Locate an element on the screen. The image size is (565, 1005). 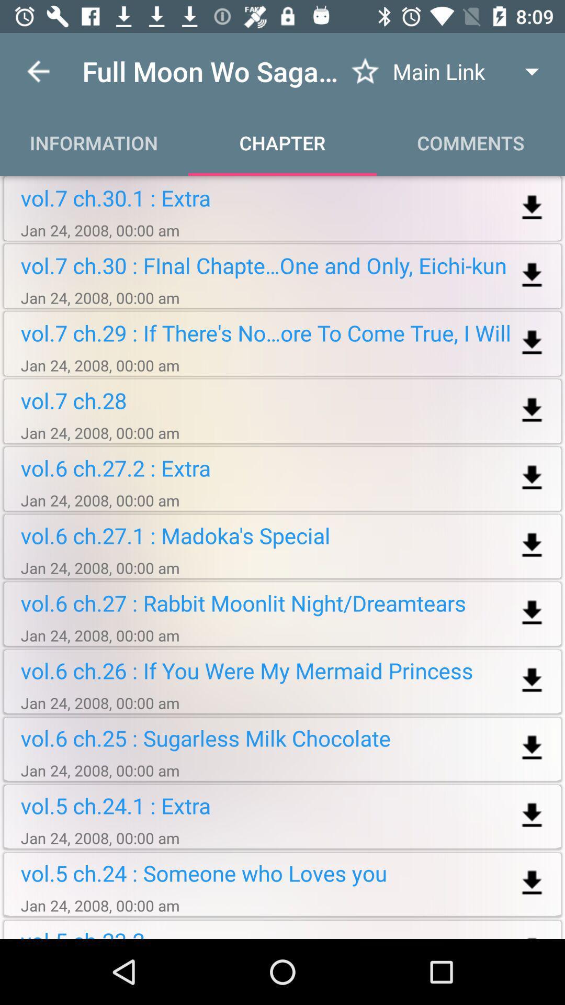
download the chapter is located at coordinates (532, 815).